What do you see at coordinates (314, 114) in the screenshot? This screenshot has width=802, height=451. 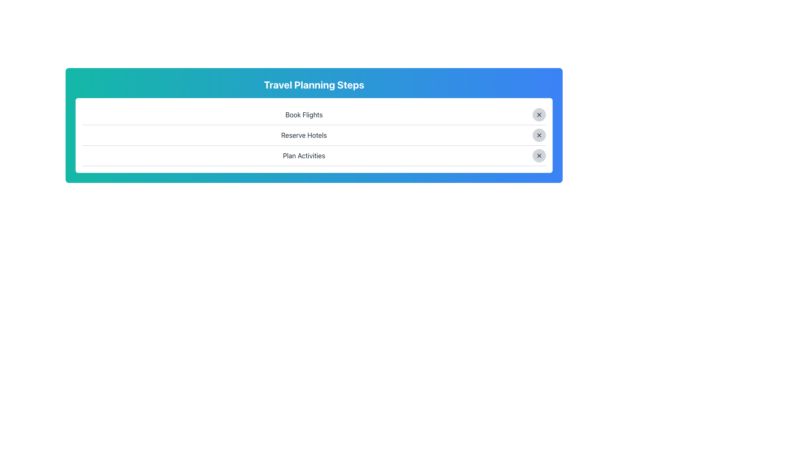 I see `the first list item under 'Travel Planning Steps'` at bounding box center [314, 114].